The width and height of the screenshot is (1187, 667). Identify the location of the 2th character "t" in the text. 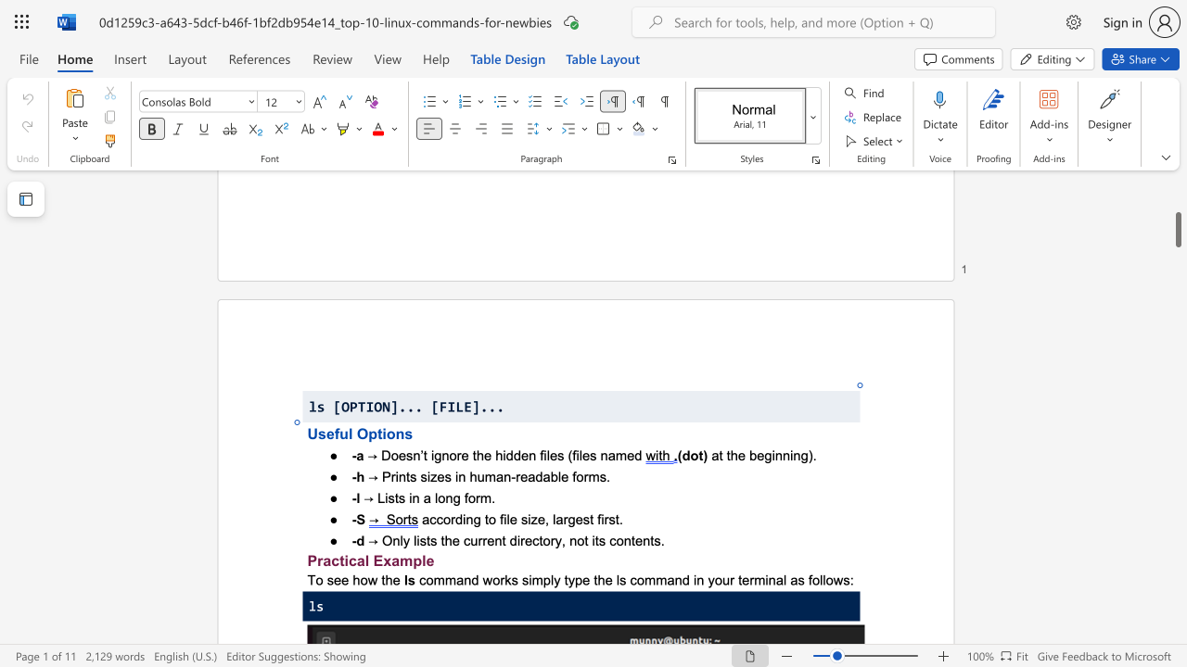
(591, 519).